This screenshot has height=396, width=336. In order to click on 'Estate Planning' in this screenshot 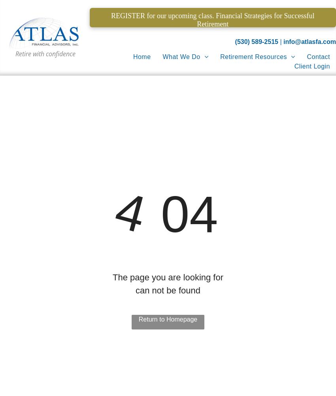, I will do `click(168, 112)`.